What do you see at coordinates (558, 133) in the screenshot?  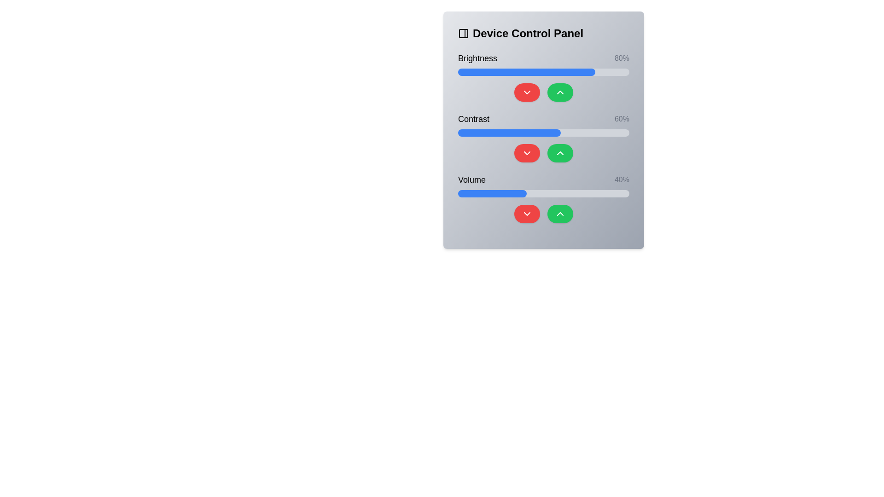 I see `the contrast` at bounding box center [558, 133].